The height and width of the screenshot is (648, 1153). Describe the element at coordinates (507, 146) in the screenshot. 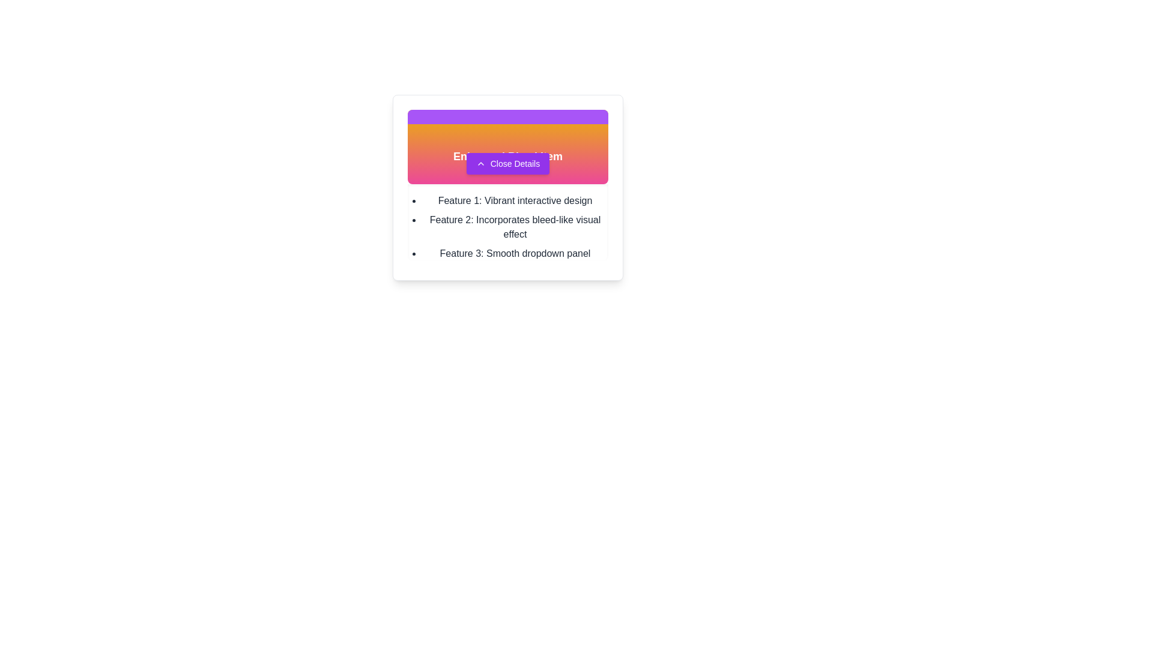

I see `the purple button labeled 'Close Details' within the Compound component titled 'Enhanced Bleed Item' to initiate an alternative interaction` at that location.